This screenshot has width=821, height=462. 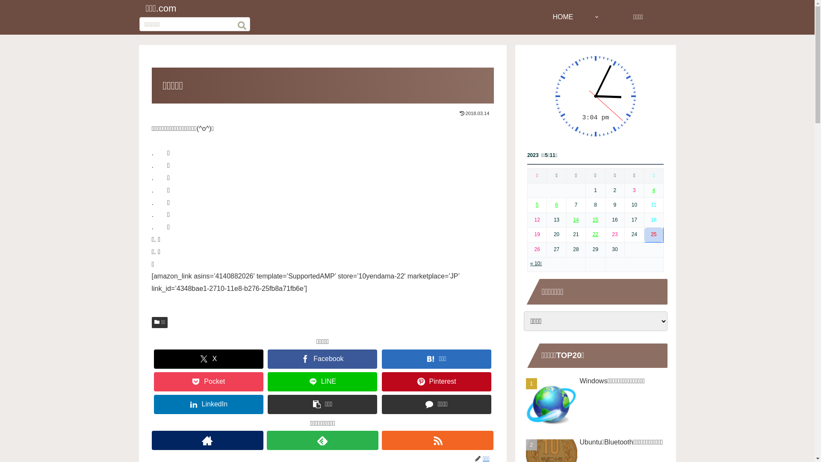 I want to click on '6', so click(x=556, y=204).